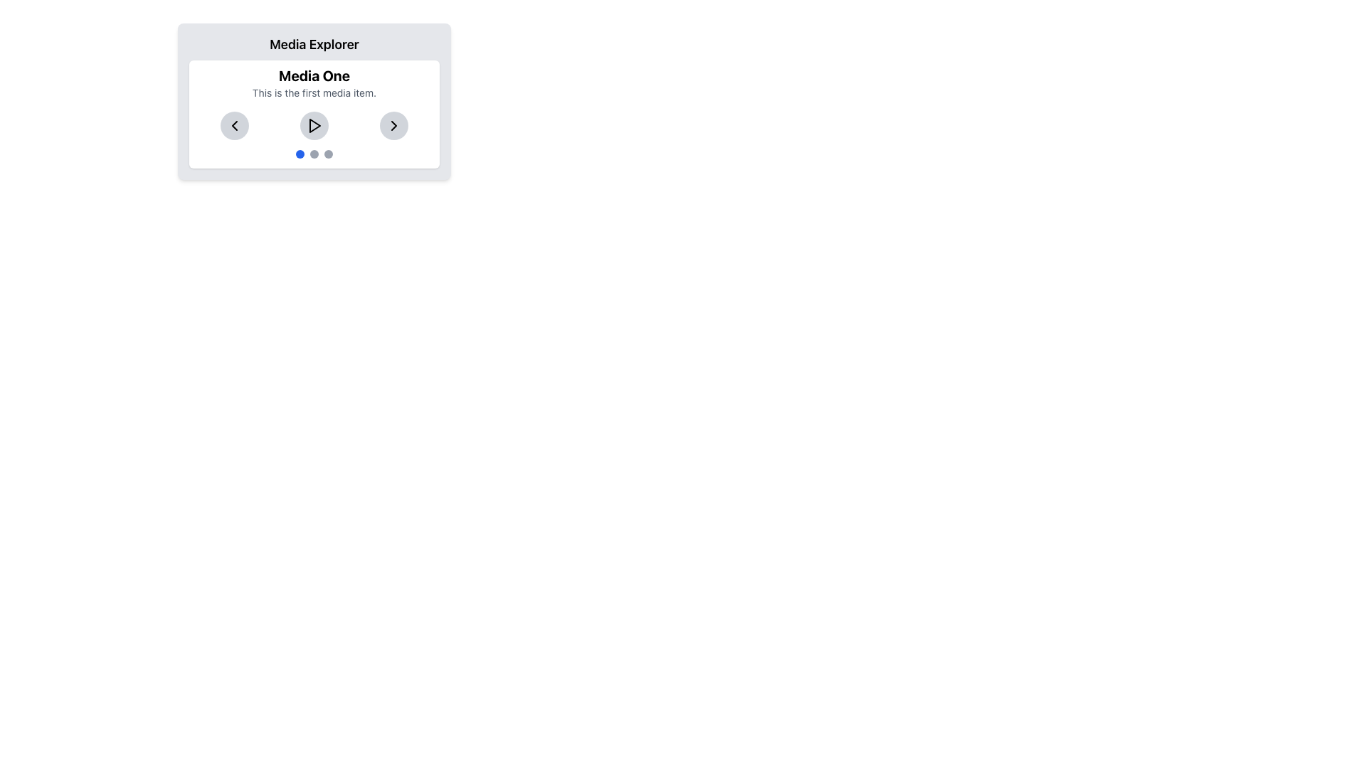 This screenshot has height=768, width=1366. What do you see at coordinates (235, 125) in the screenshot?
I see `the left-pointing chevron icon within the circular button on the left side of the navigation controls` at bounding box center [235, 125].